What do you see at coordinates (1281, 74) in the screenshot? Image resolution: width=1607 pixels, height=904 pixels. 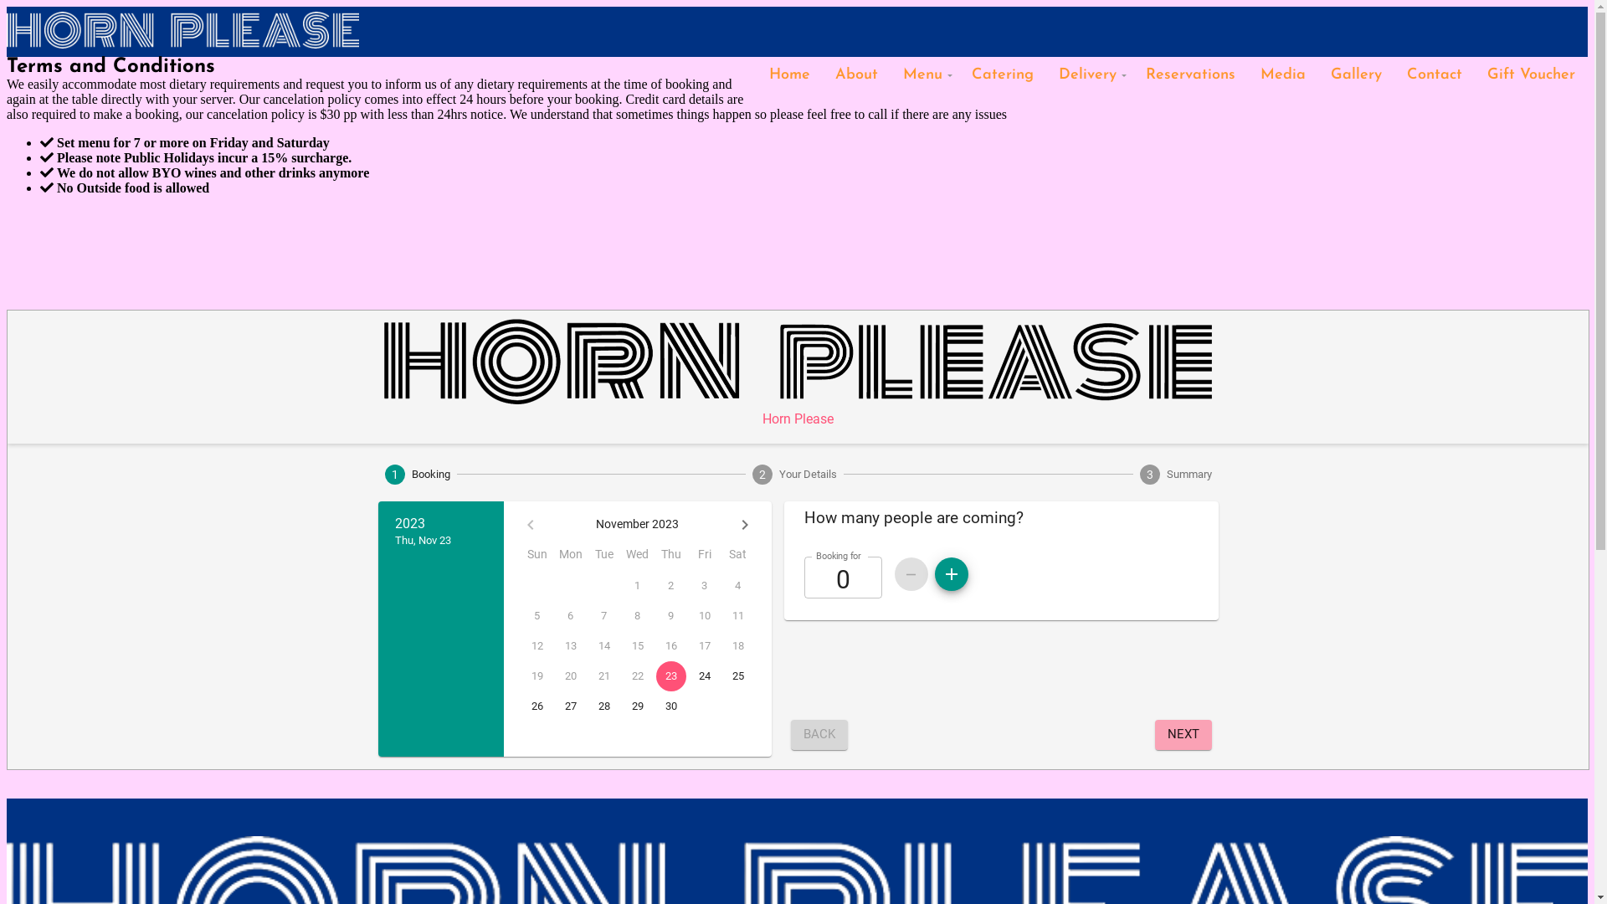 I see `'Media'` at bounding box center [1281, 74].